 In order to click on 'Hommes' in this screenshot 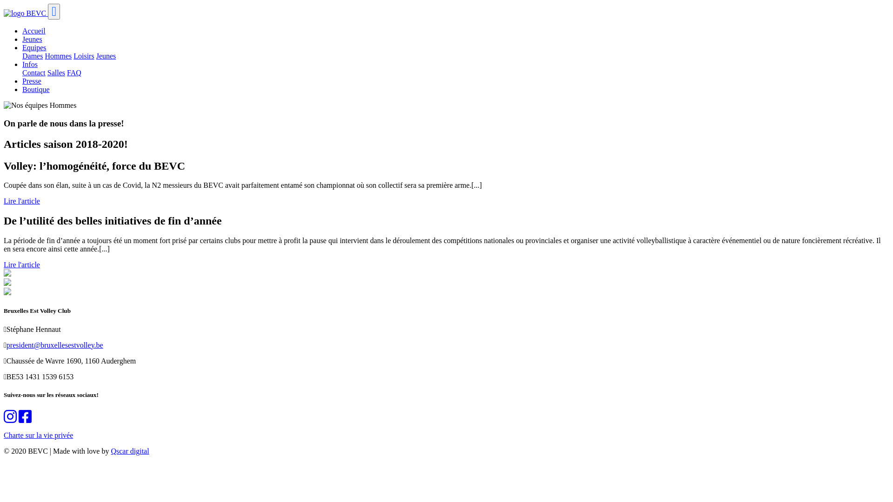, I will do `click(57, 56)`.